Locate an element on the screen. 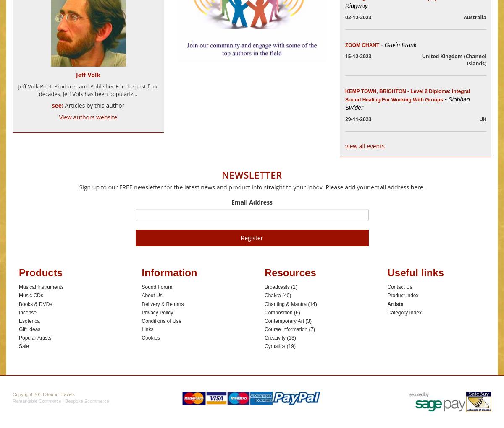 This screenshot has width=504, height=428. 'Popular Artists' is located at coordinates (35, 337).